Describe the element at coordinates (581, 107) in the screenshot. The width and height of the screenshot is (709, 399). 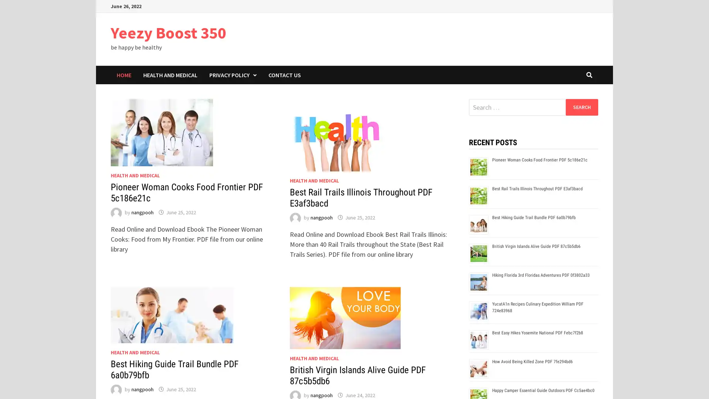
I see `Search` at that location.